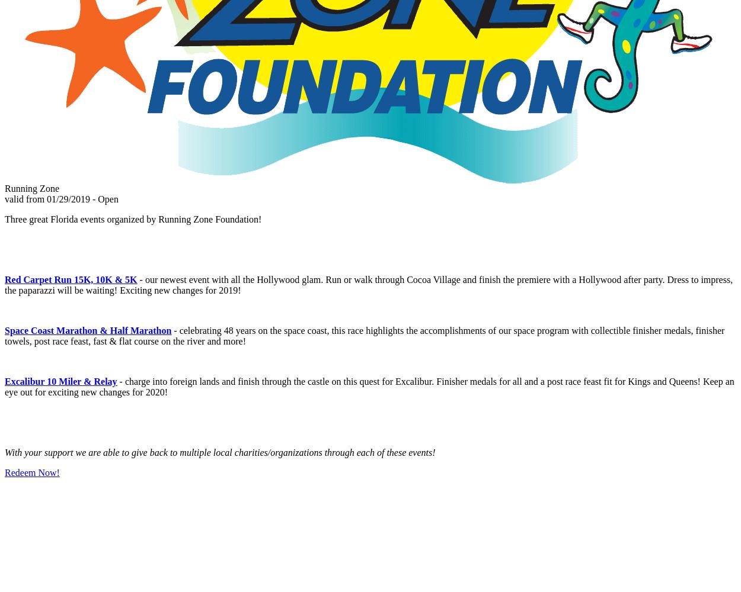 Image resolution: width=741 pixels, height=592 pixels. Describe the element at coordinates (60, 381) in the screenshot. I see `'Excalibur 10 Miler & Relay'` at that location.